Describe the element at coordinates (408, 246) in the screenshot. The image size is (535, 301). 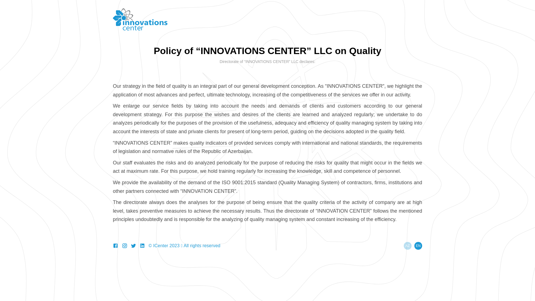
I see `'AZ'` at that location.